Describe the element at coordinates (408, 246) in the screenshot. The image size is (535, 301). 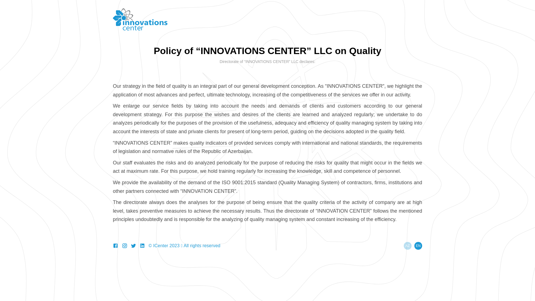
I see `'AZ'` at that location.